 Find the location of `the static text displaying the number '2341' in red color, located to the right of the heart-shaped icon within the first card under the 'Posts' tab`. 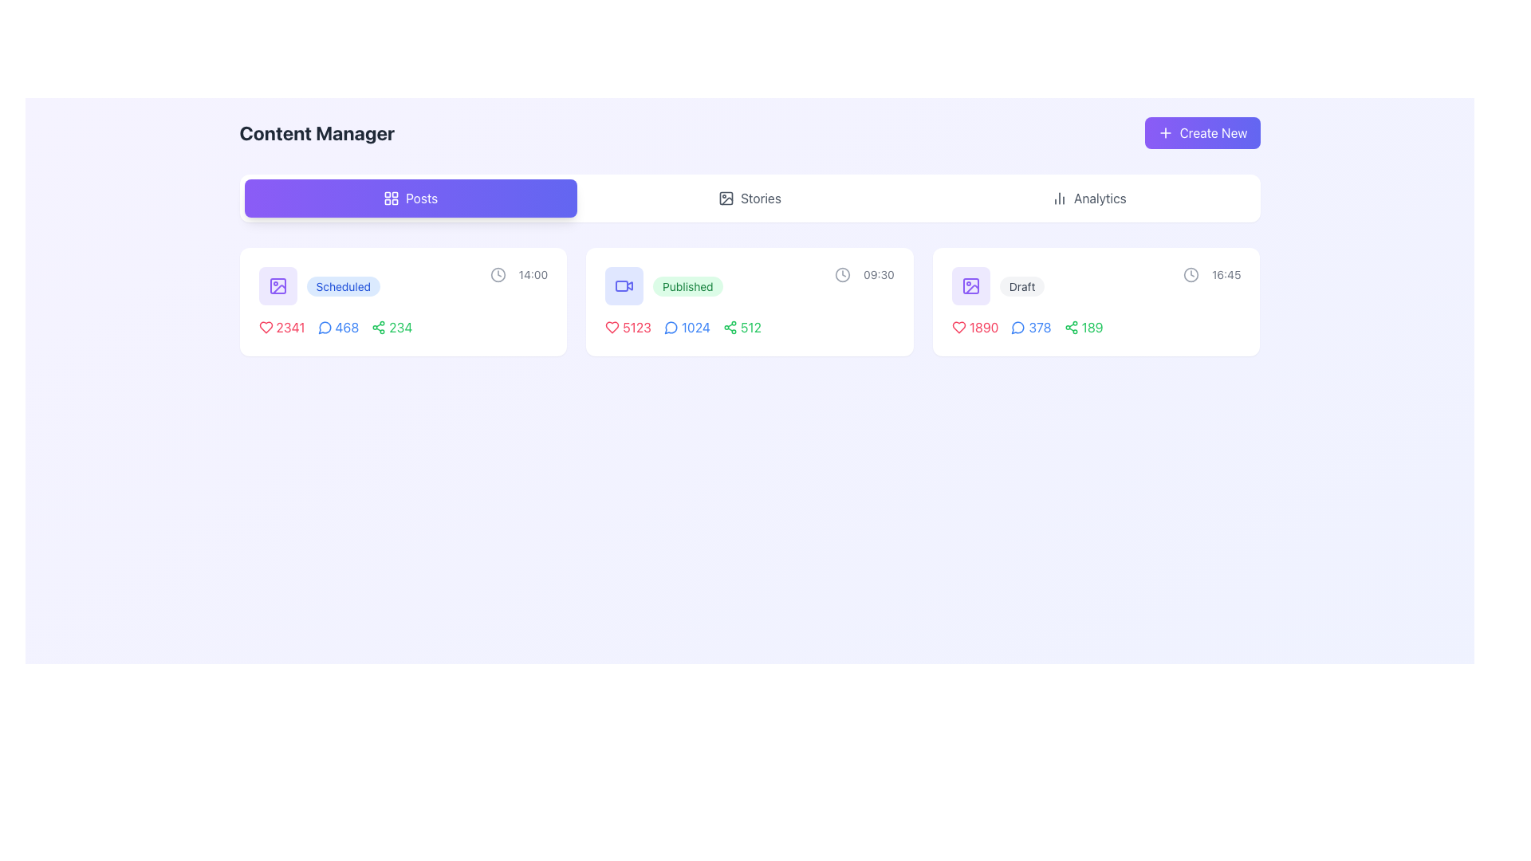

the static text displaying the number '2341' in red color, located to the right of the heart-shaped icon within the first card under the 'Posts' tab is located at coordinates (290, 327).